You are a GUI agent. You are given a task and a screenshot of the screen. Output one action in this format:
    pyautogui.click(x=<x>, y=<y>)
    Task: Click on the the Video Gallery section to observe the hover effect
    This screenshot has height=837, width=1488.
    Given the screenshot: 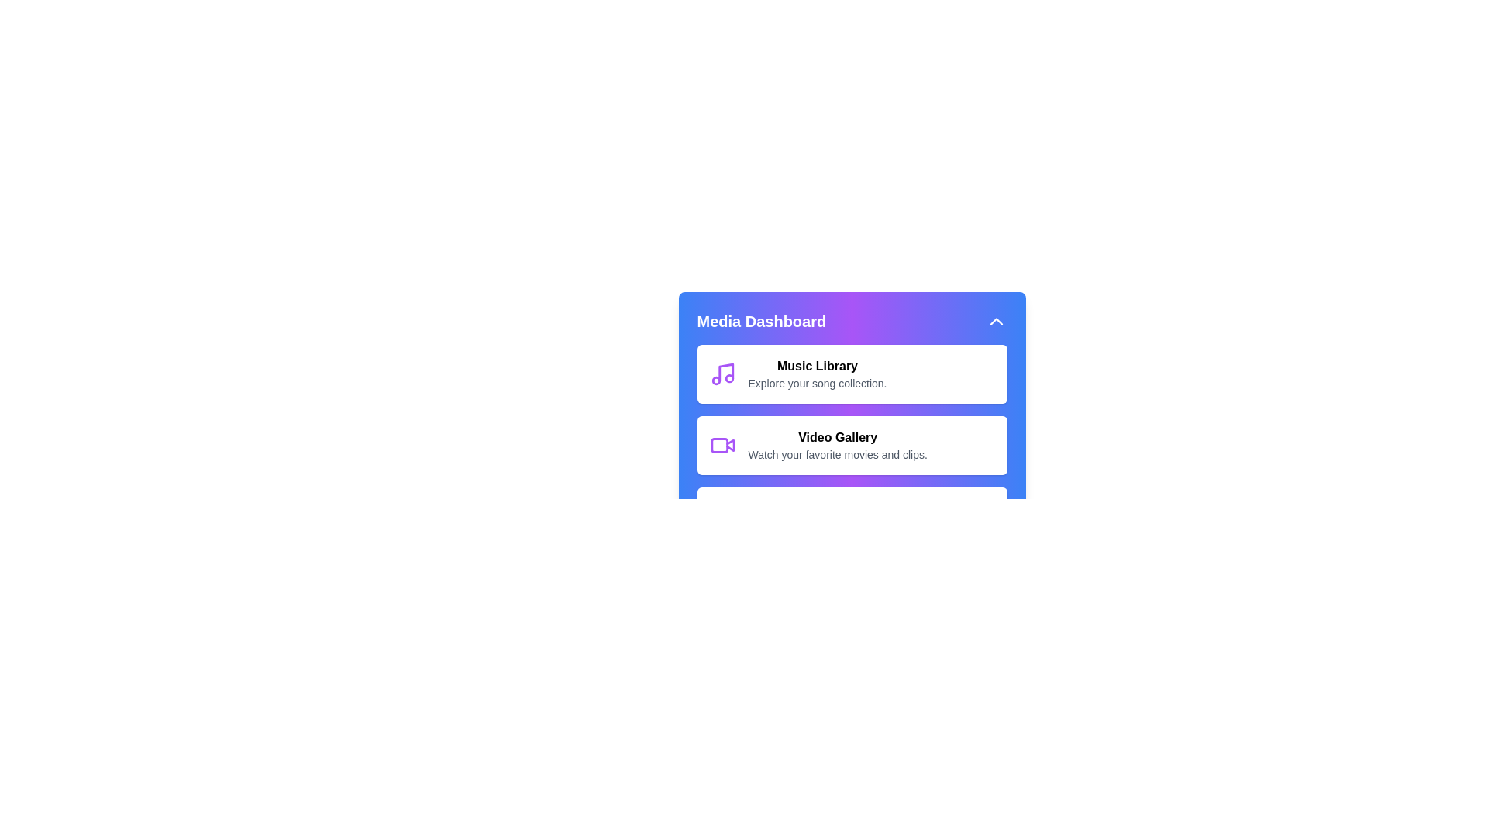 What is the action you would take?
    pyautogui.click(x=851, y=445)
    